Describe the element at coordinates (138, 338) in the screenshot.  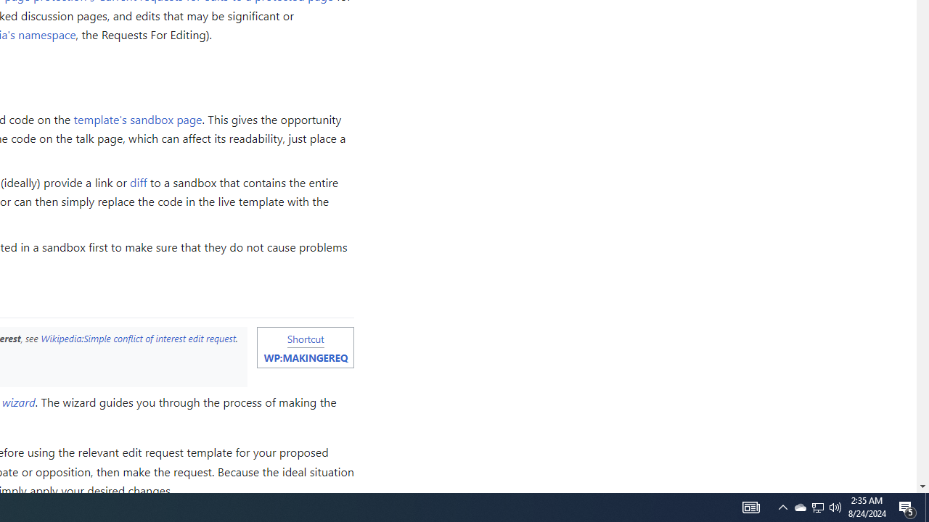
I see `'Wikipedia:Simple conflict of interest edit request'` at that location.